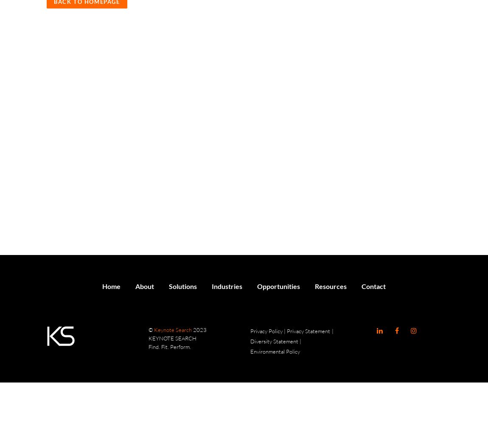 This screenshot has height=425, width=488. I want to click on 'About', so click(135, 286).